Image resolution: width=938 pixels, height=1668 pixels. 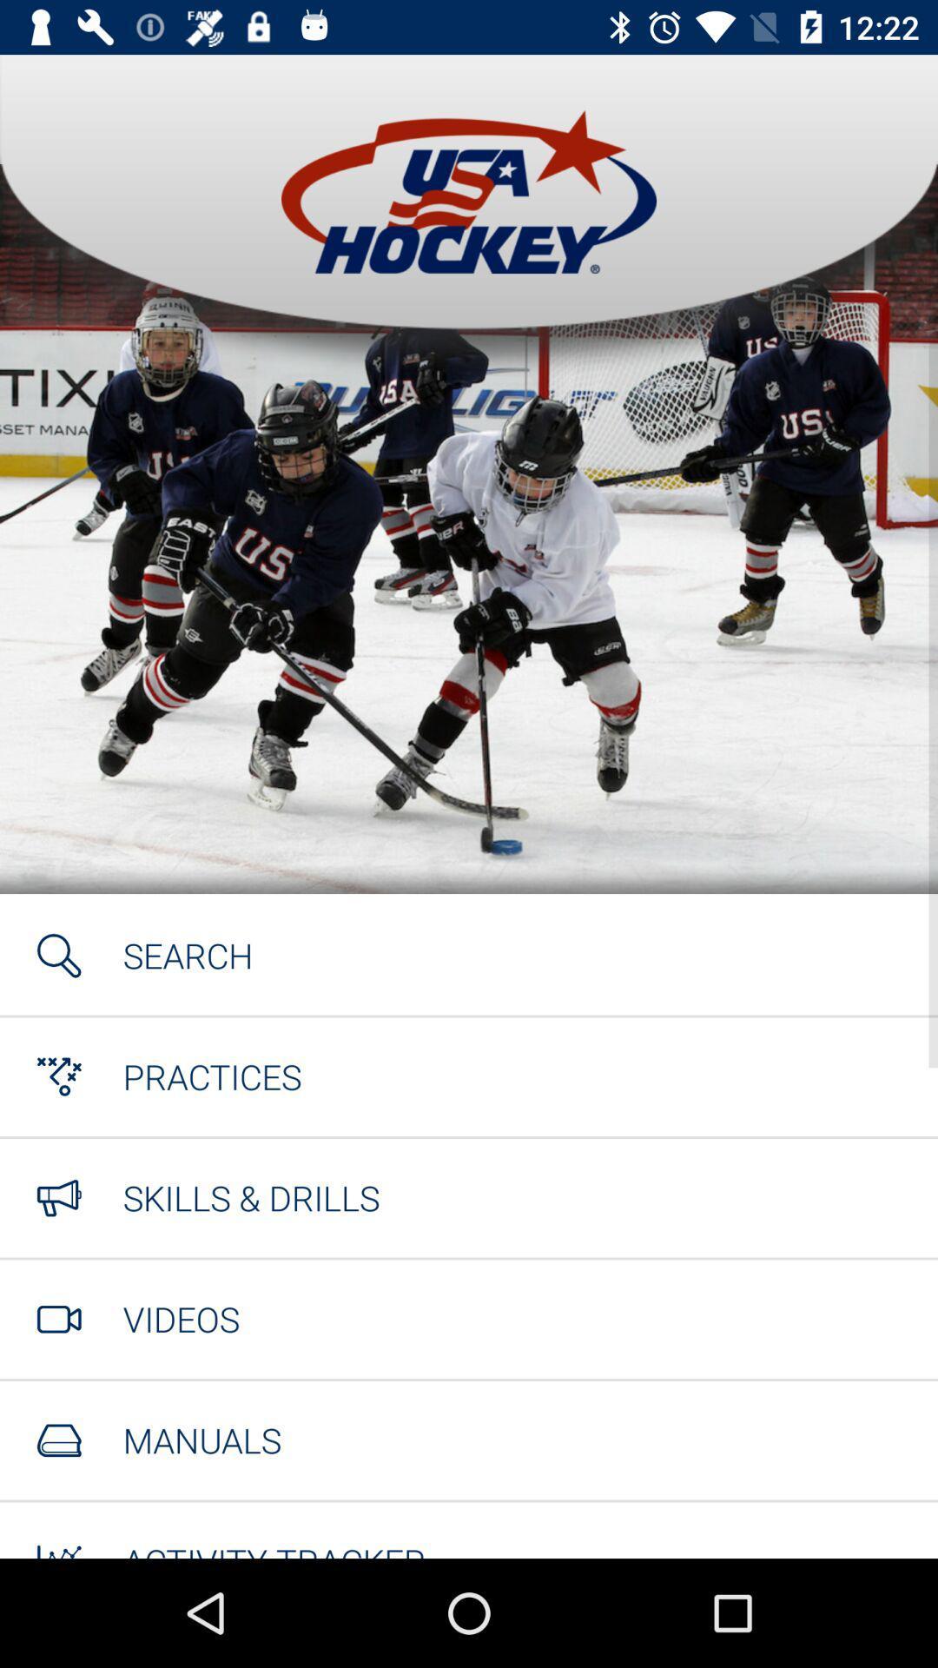 I want to click on manuals icon, so click(x=201, y=1440).